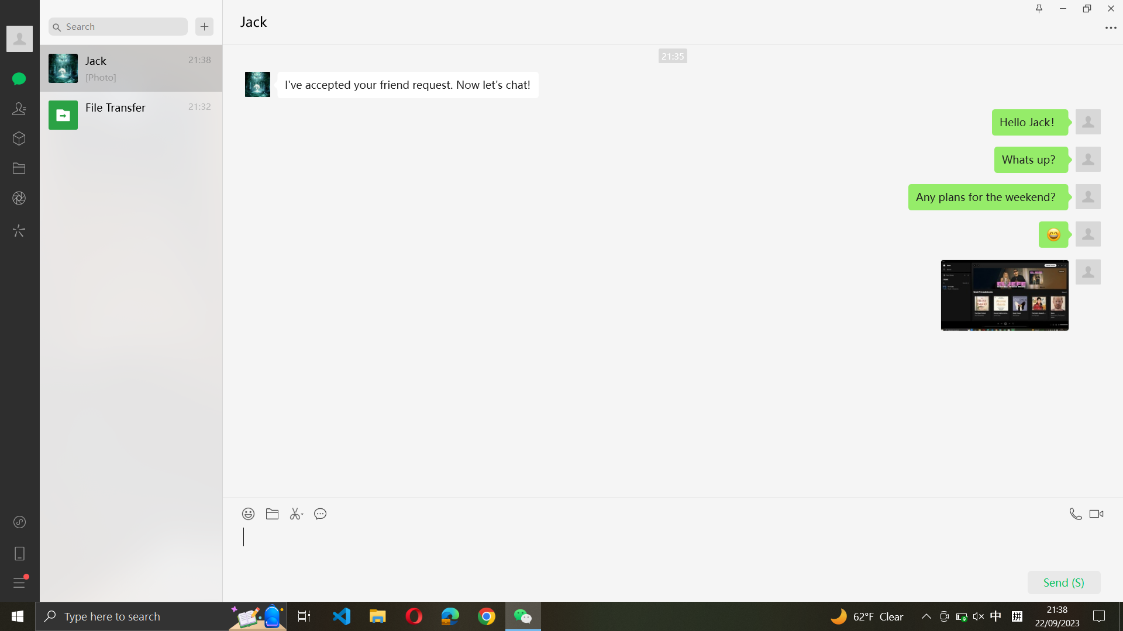  I want to click on the camera feature, so click(20, 199).